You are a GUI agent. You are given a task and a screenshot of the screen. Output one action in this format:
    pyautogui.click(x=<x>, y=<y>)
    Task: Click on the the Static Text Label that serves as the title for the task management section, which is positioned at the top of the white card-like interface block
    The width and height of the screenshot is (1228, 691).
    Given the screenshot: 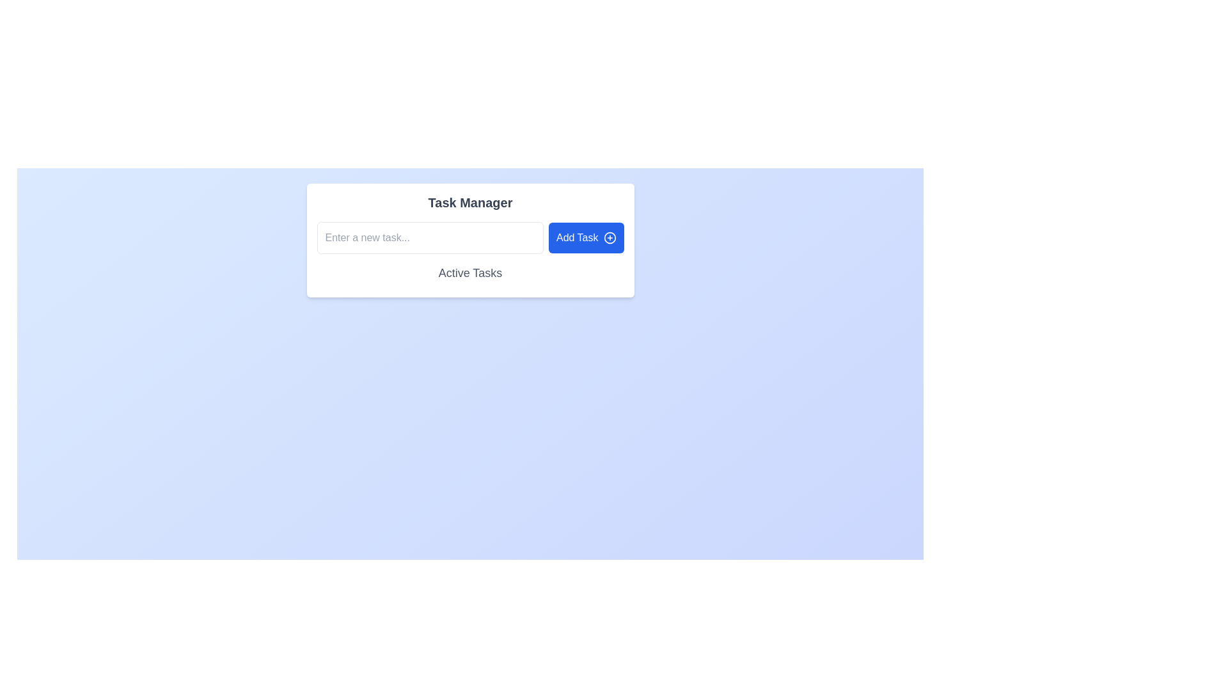 What is the action you would take?
    pyautogui.click(x=469, y=202)
    